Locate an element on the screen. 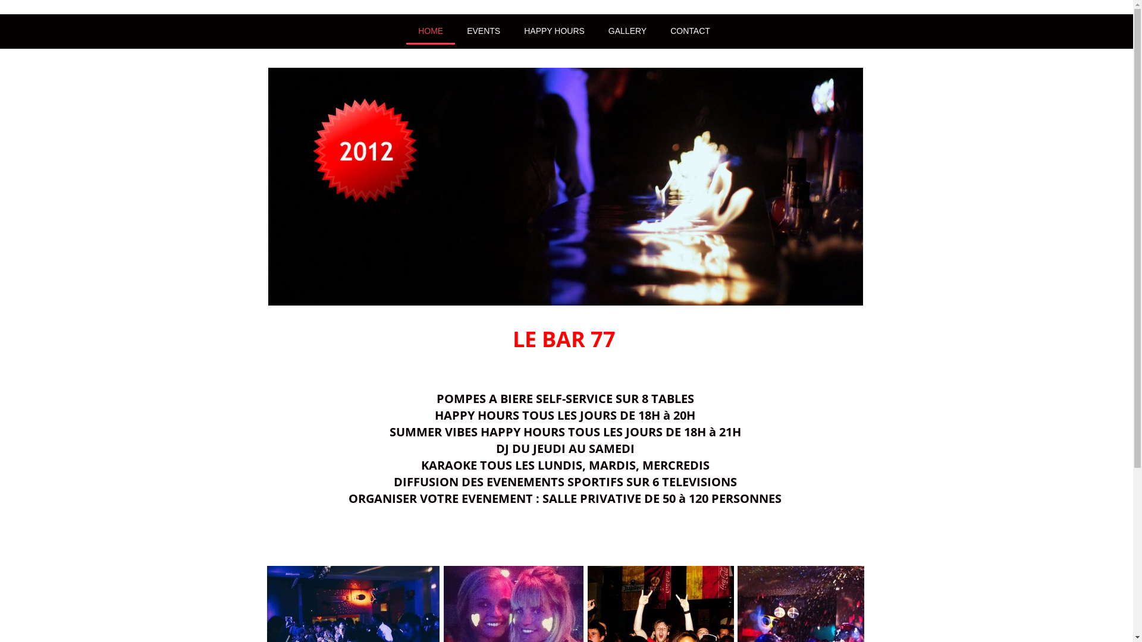 This screenshot has width=1142, height=642. 'CONTACT' is located at coordinates (658, 30).